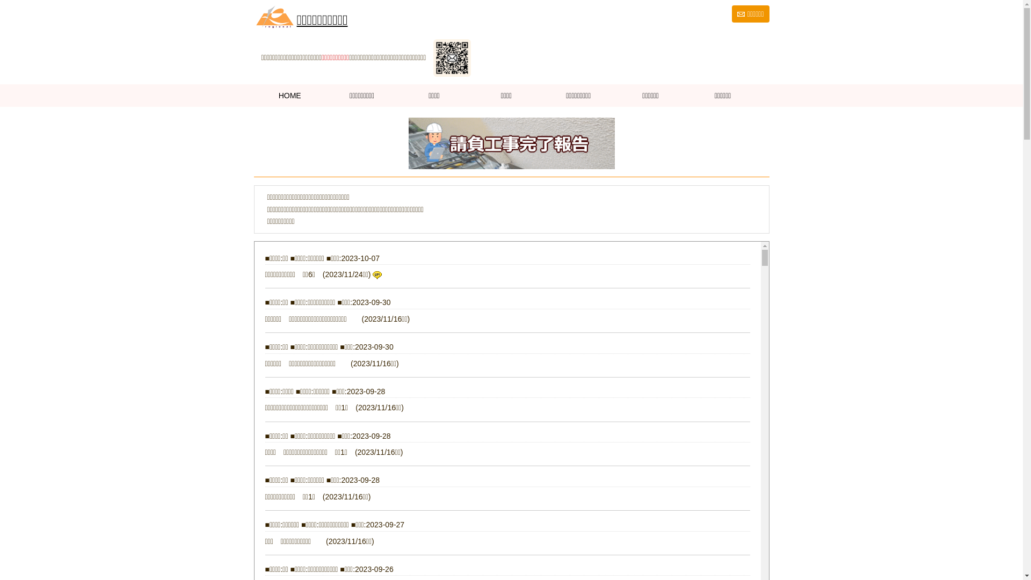 This screenshot has width=1031, height=580. Describe the element at coordinates (289, 95) in the screenshot. I see `'HOME'` at that location.